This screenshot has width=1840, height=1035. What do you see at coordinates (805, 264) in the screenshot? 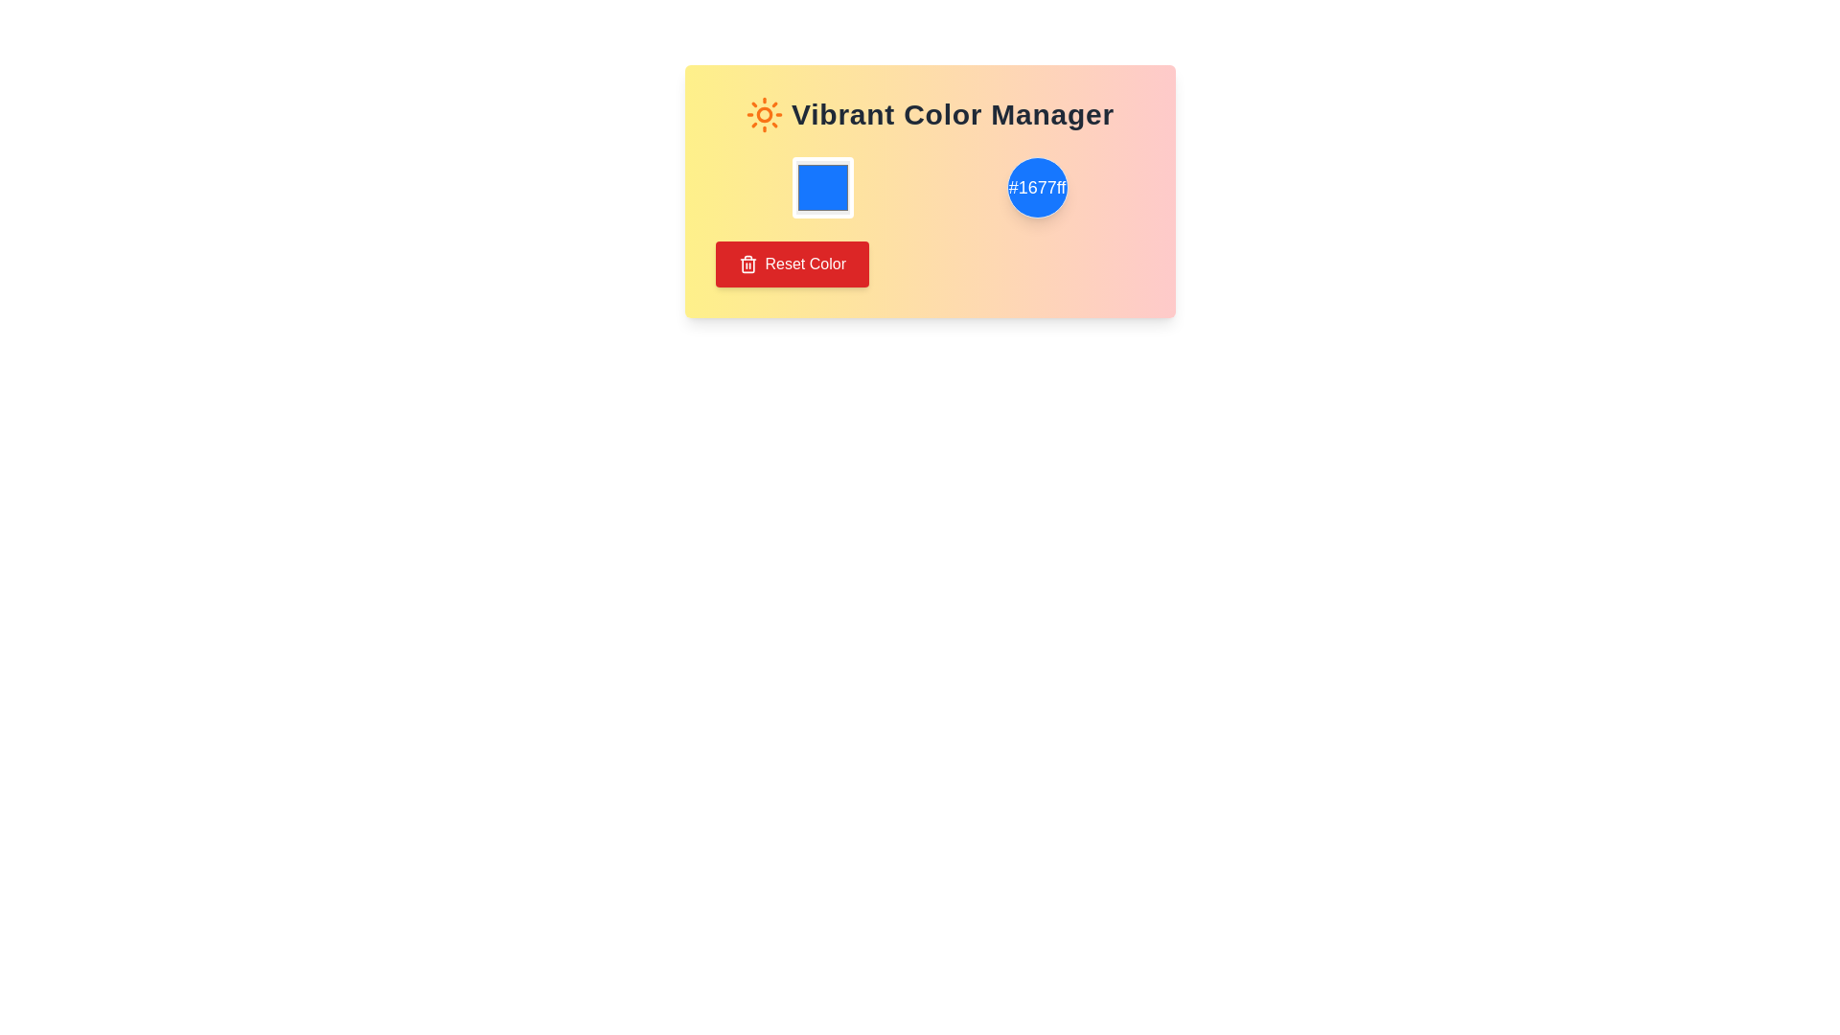
I see `the 'Reset Color' text label which is displayed in white over a vivid red background, located within a button at the bottom-left area of a card in the interface` at bounding box center [805, 264].